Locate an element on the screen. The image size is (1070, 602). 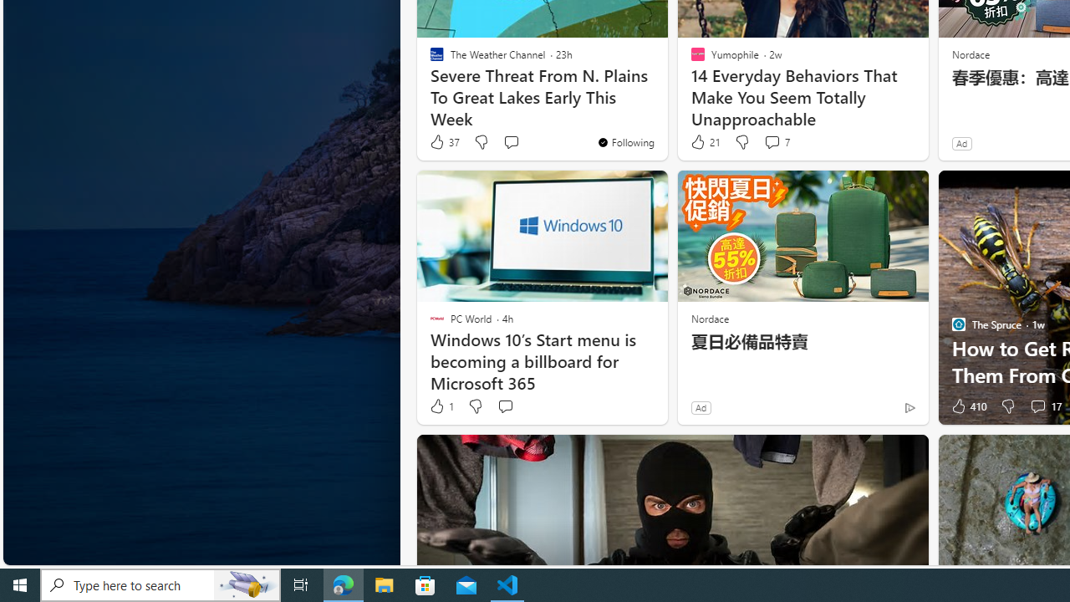
'View comments 17 Comment' is located at coordinates (1043, 406).